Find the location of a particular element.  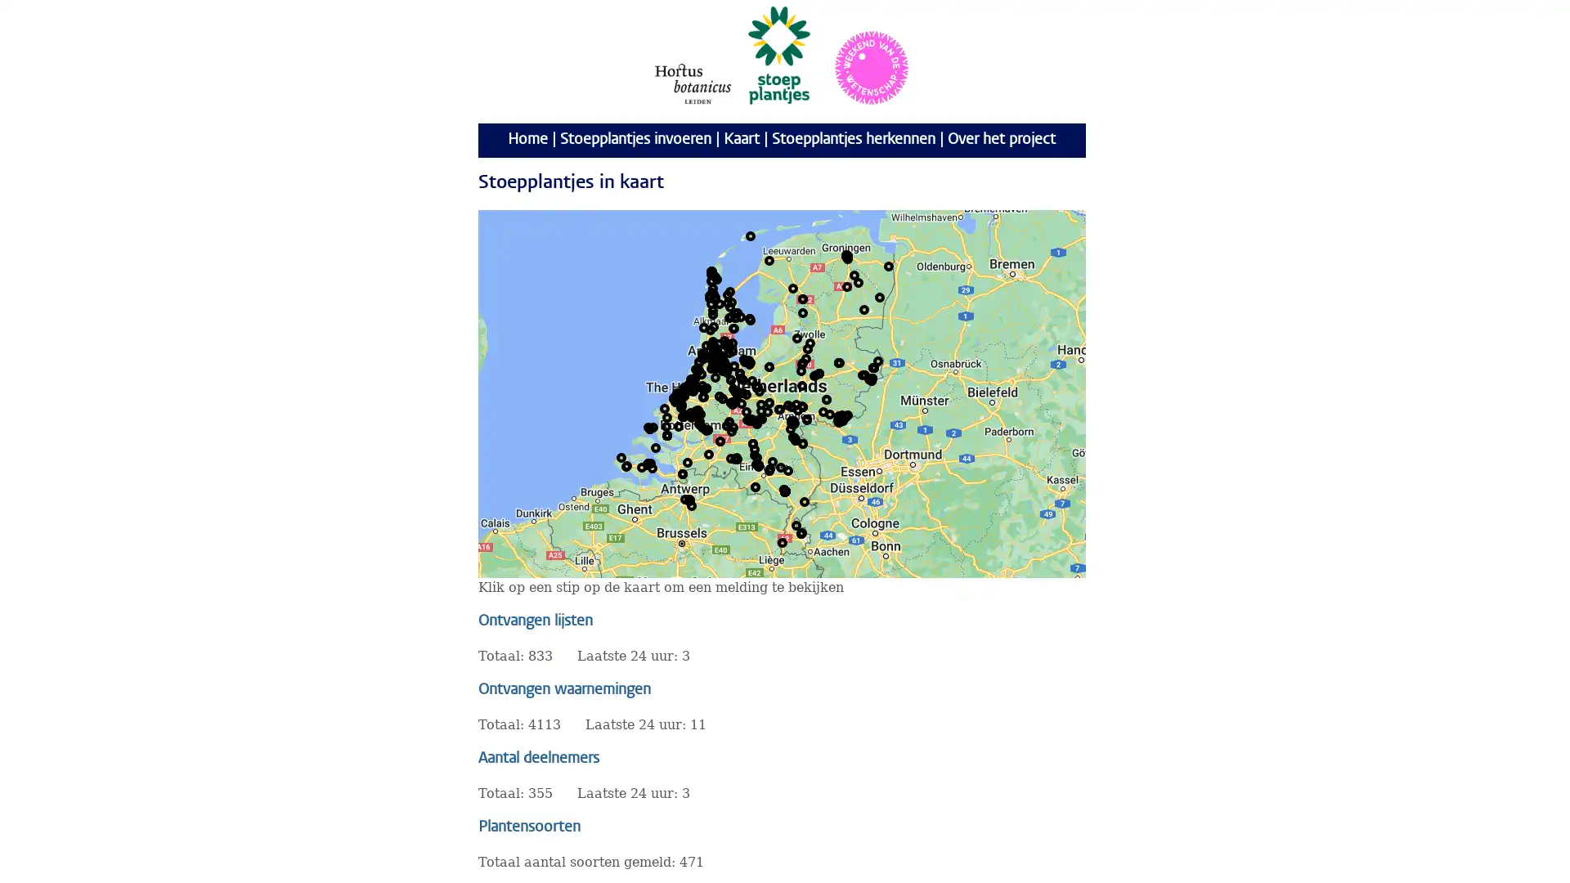

Telling van Chil op 04 december 2021 is located at coordinates (690, 412).